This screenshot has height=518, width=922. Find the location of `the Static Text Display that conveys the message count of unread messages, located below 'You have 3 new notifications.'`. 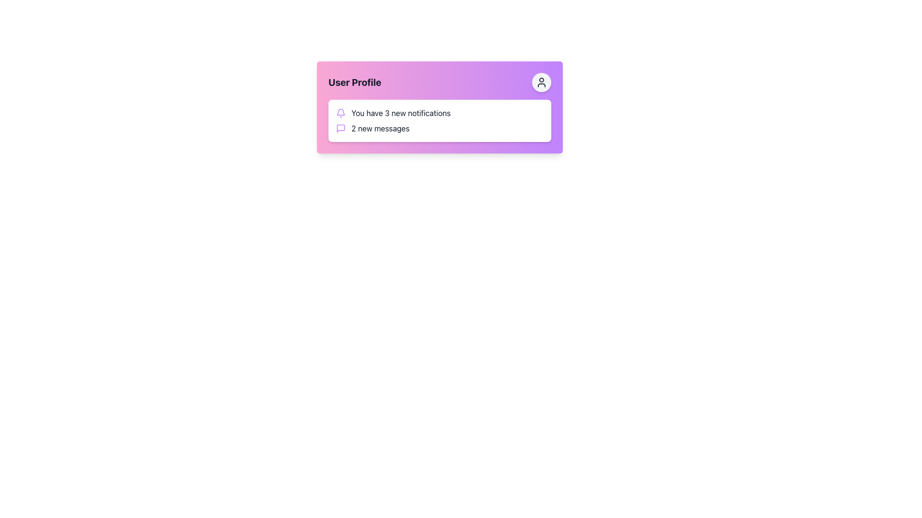

the Static Text Display that conveys the message count of unread messages, located below 'You have 3 new notifications.' is located at coordinates (380, 128).